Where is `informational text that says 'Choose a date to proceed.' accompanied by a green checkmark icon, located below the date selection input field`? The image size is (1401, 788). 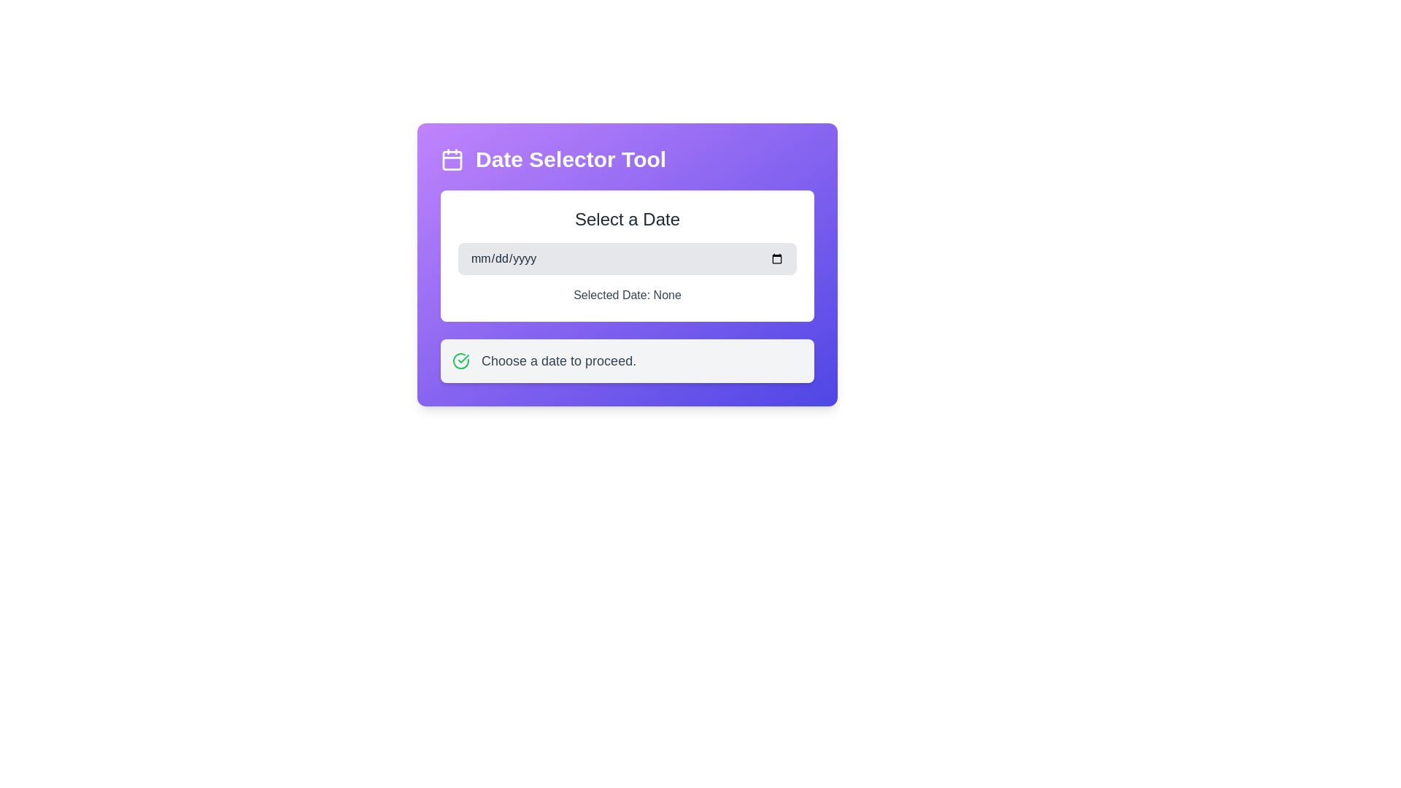
informational text that says 'Choose a date to proceed.' accompanied by a green checkmark icon, located below the date selection input field is located at coordinates (627, 360).